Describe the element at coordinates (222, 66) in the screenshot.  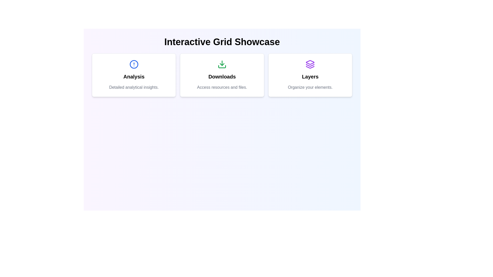
I see `the lower horizontal component of the download icon within the 'Downloads' card, which serves as a base or platform for the icon` at that location.